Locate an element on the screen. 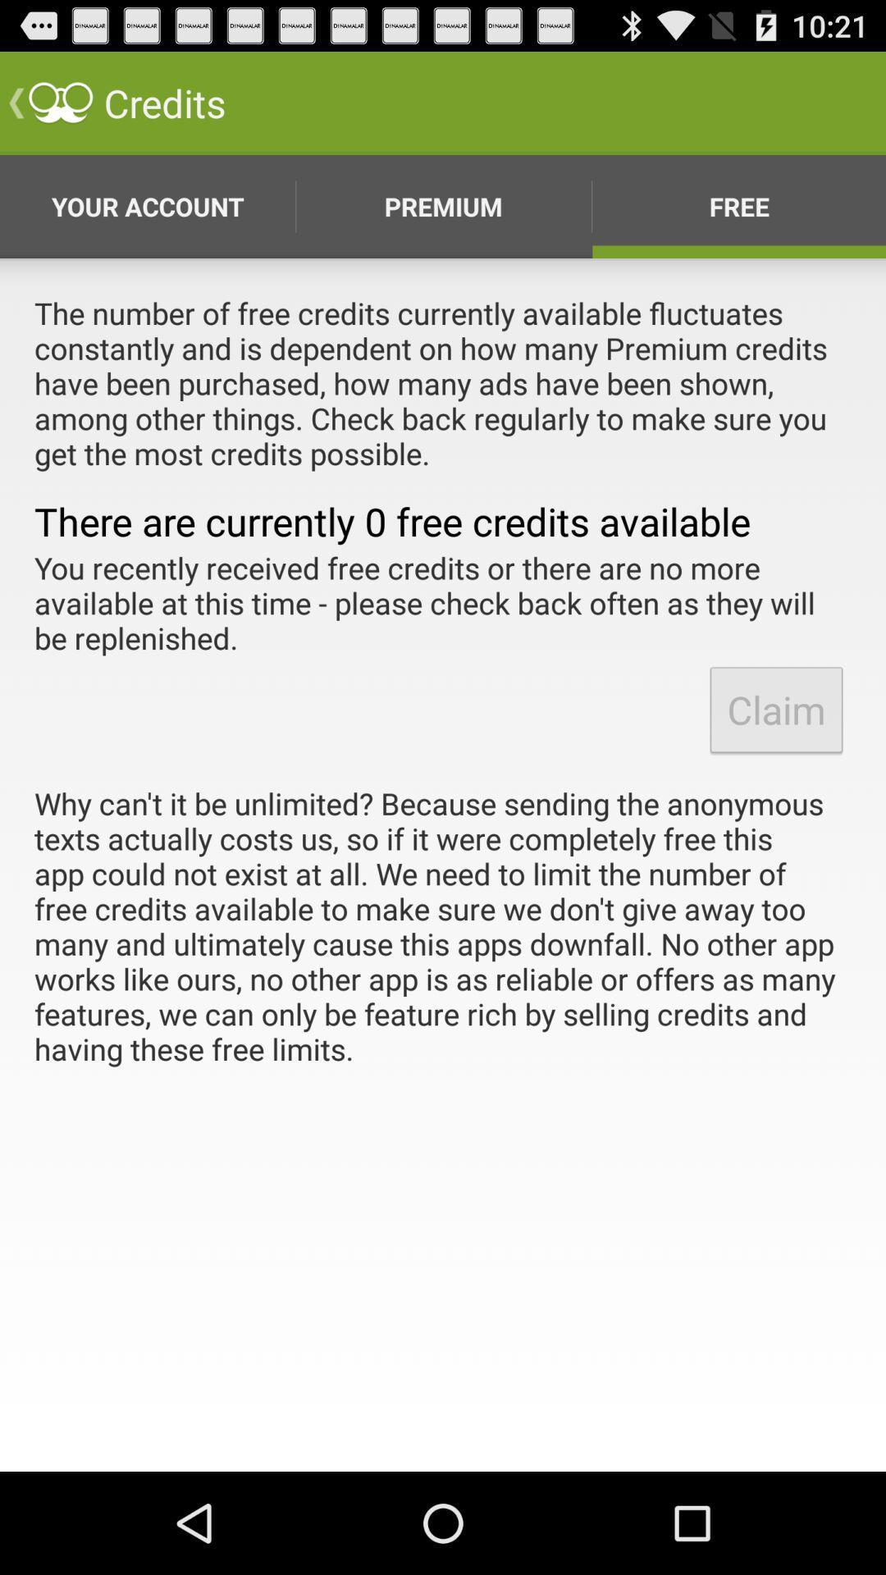 This screenshot has height=1575, width=886. the tab your account on the web page is located at coordinates (148, 206).